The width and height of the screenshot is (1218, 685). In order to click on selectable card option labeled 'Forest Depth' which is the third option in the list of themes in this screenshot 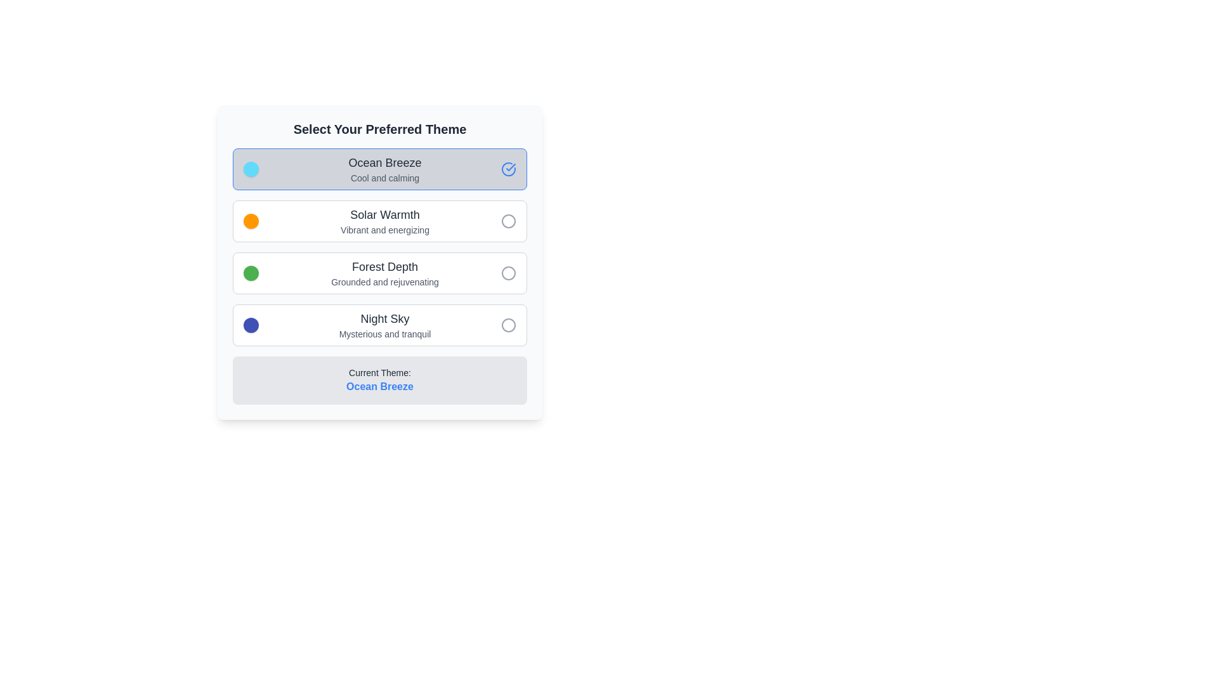, I will do `click(379, 273)`.